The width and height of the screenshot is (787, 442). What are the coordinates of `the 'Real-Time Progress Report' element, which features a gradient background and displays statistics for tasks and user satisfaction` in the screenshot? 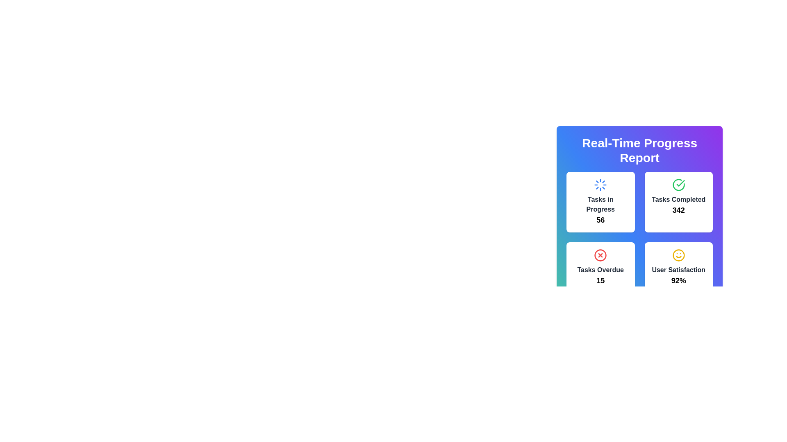 It's located at (639, 201).